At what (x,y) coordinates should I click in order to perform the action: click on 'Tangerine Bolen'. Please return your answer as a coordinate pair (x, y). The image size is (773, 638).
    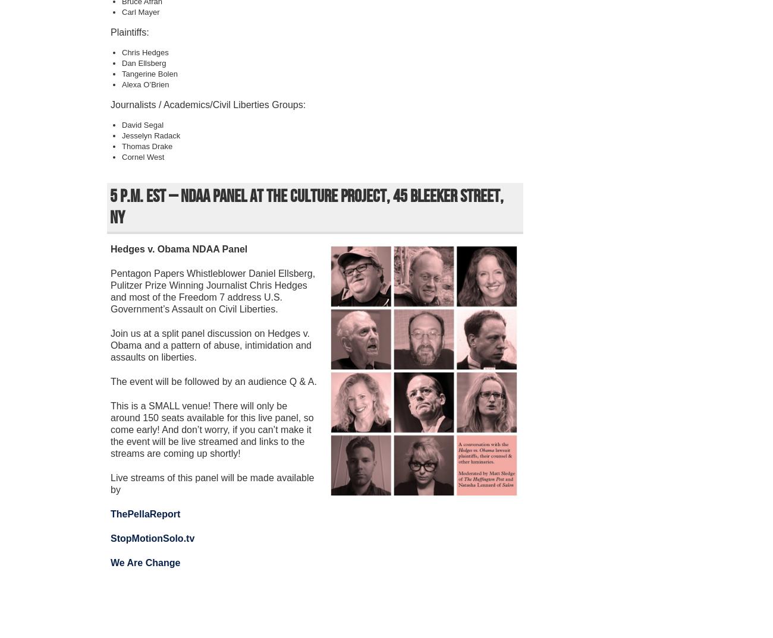
    Looking at the image, I should click on (122, 73).